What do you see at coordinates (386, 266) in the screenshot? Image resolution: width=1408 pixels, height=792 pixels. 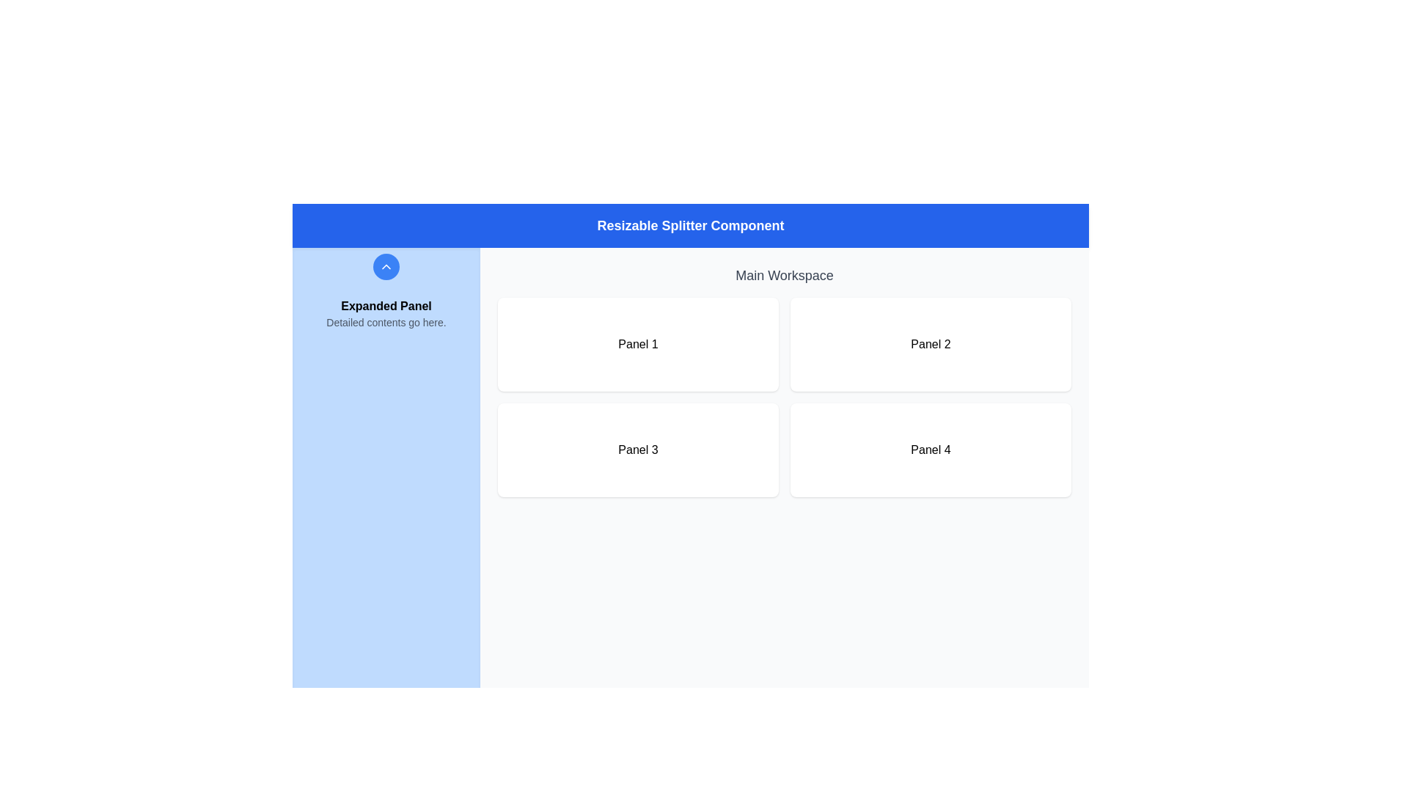 I see `the upward-facing chevron arrow icon located at the center of the blue circular button that is positioned above the 'Expanded Panel' text` at bounding box center [386, 266].